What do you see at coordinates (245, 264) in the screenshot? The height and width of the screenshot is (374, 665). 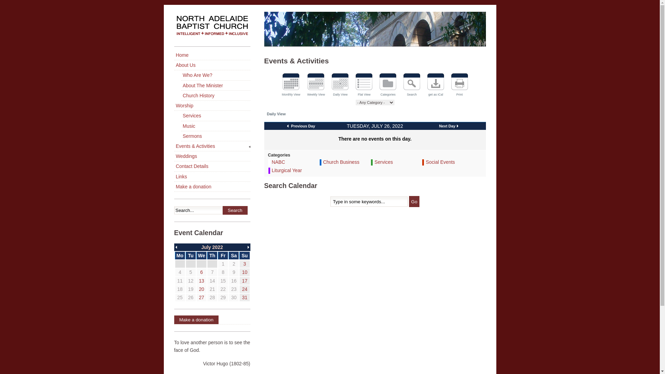 I see `'3'` at bounding box center [245, 264].